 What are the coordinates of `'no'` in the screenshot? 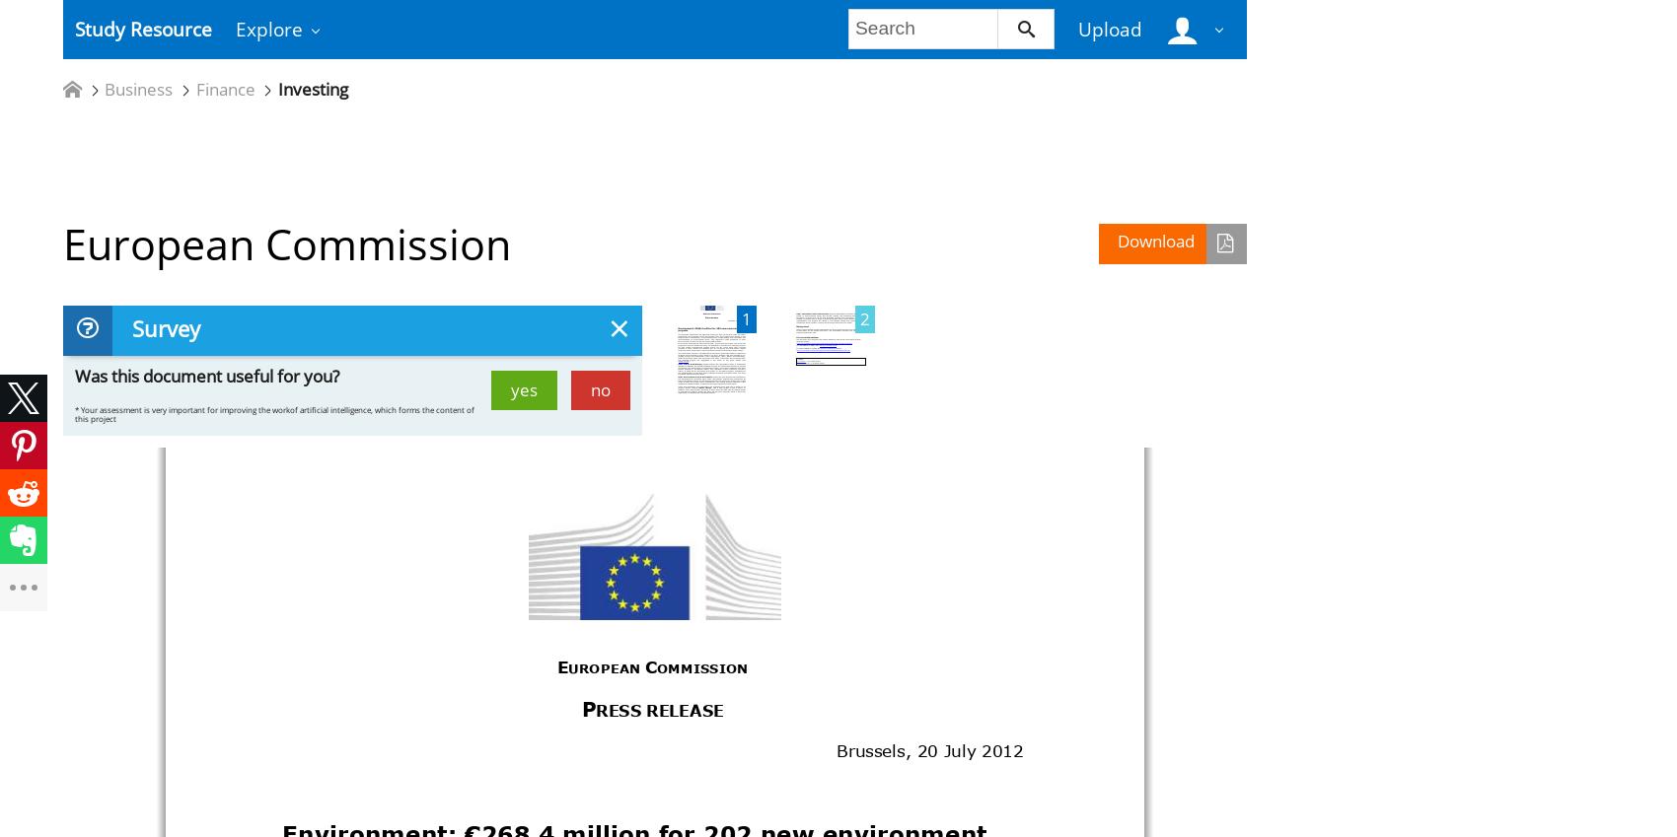 It's located at (599, 387).